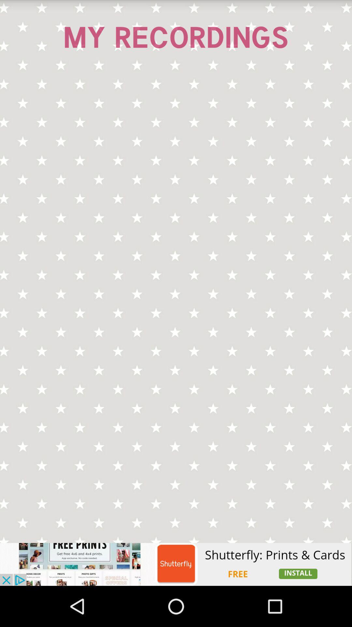 Image resolution: width=352 pixels, height=627 pixels. I want to click on shutterfly app, so click(176, 564).